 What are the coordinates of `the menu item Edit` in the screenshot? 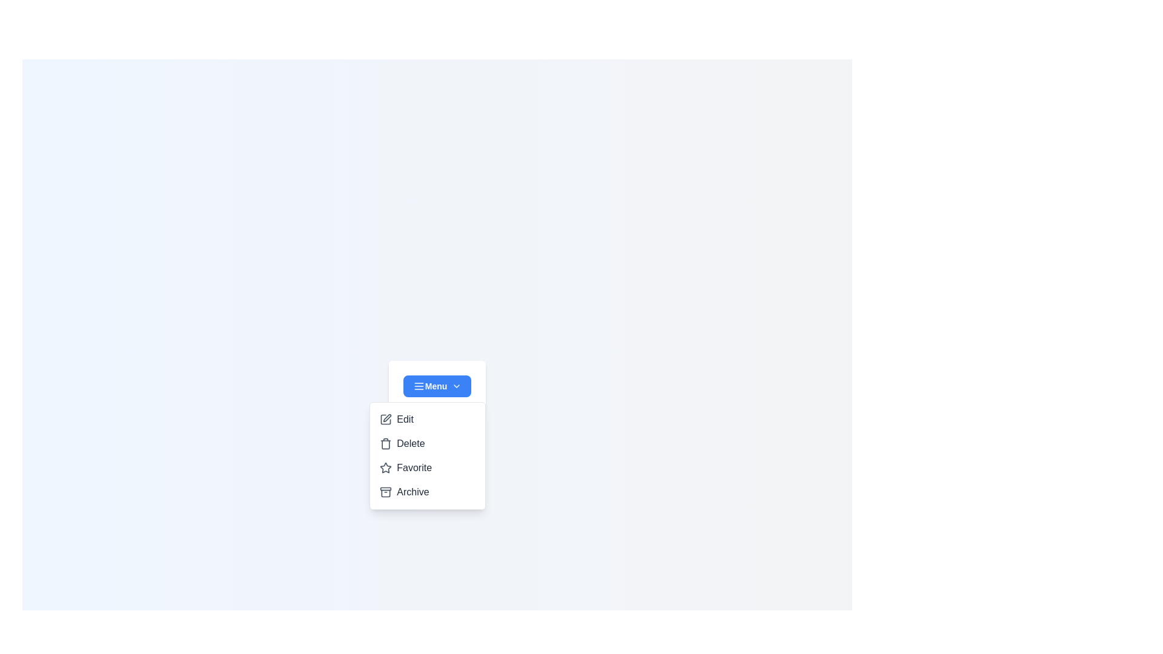 It's located at (428, 419).